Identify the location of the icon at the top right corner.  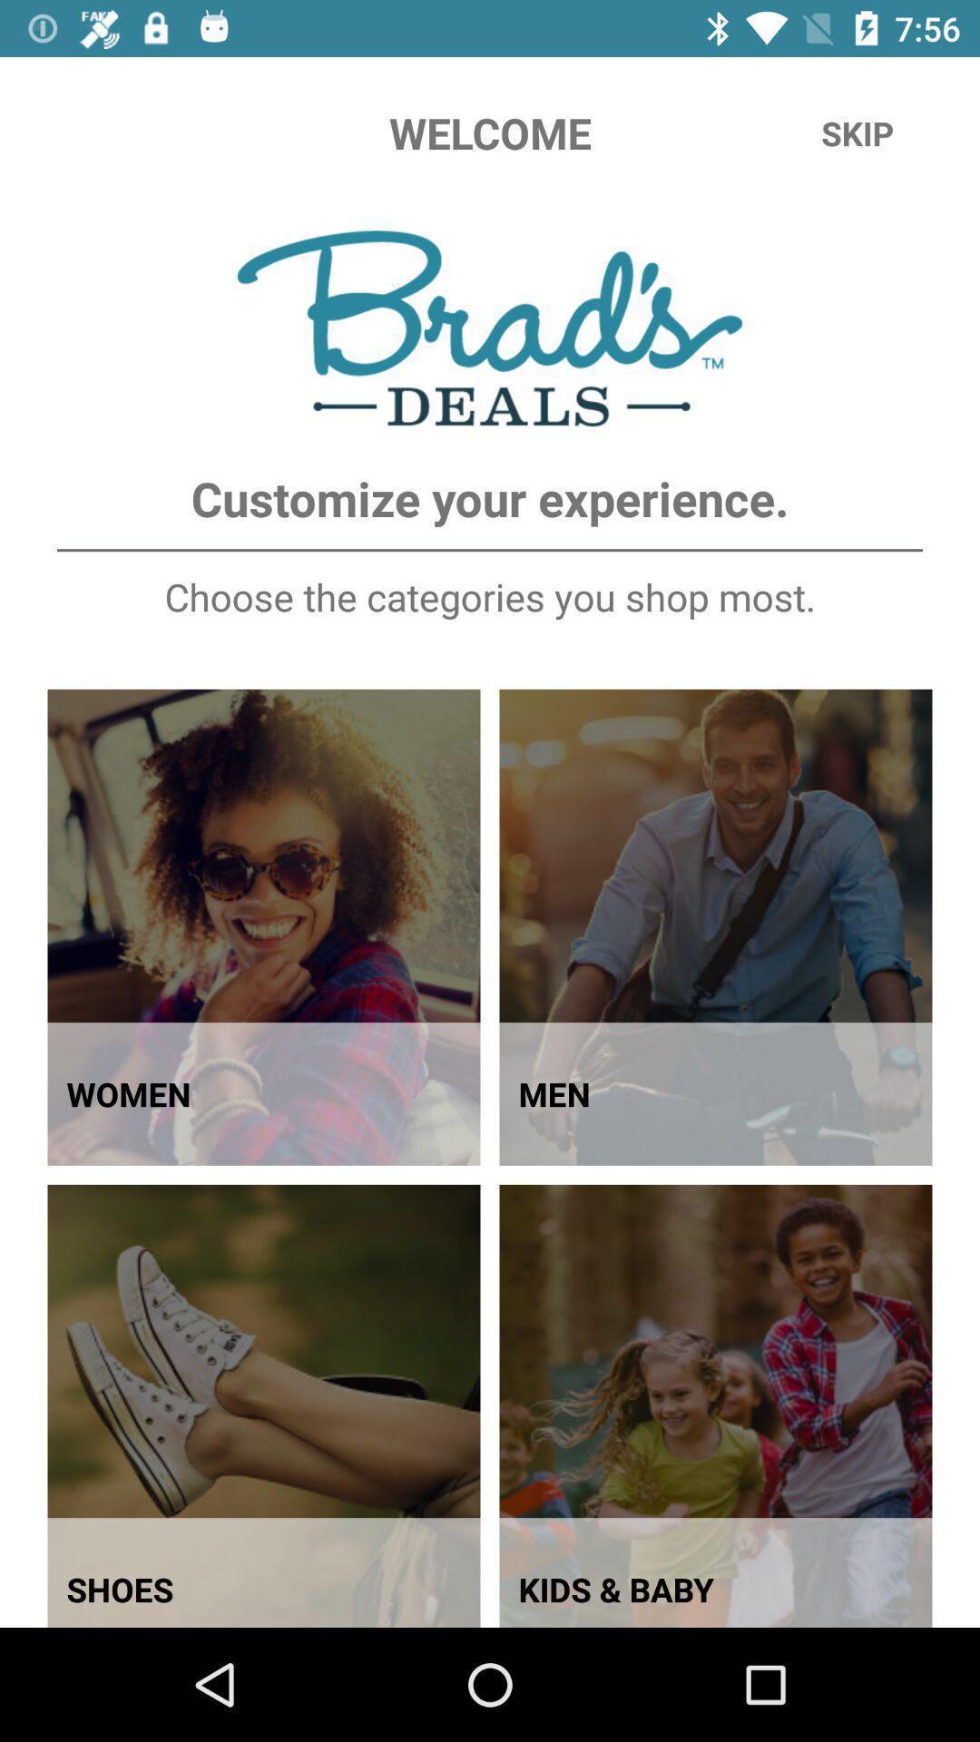
(857, 132).